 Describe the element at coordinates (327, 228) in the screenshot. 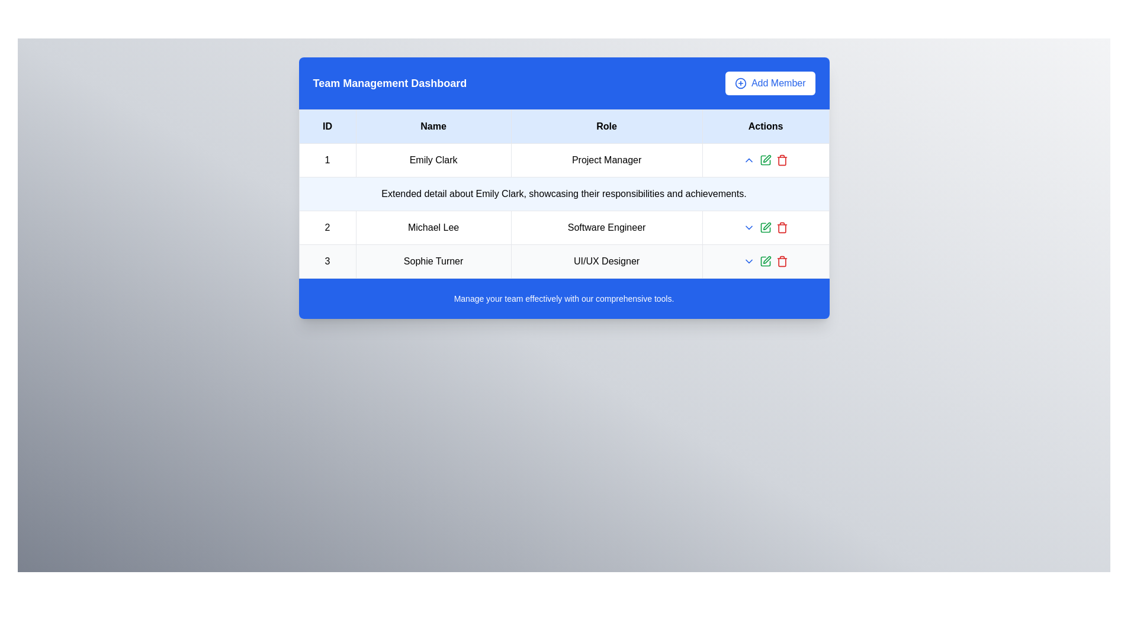

I see `the Static Text Label that identifies the row in the table, located to the left of 'Michael Lee' and above '3'` at that location.